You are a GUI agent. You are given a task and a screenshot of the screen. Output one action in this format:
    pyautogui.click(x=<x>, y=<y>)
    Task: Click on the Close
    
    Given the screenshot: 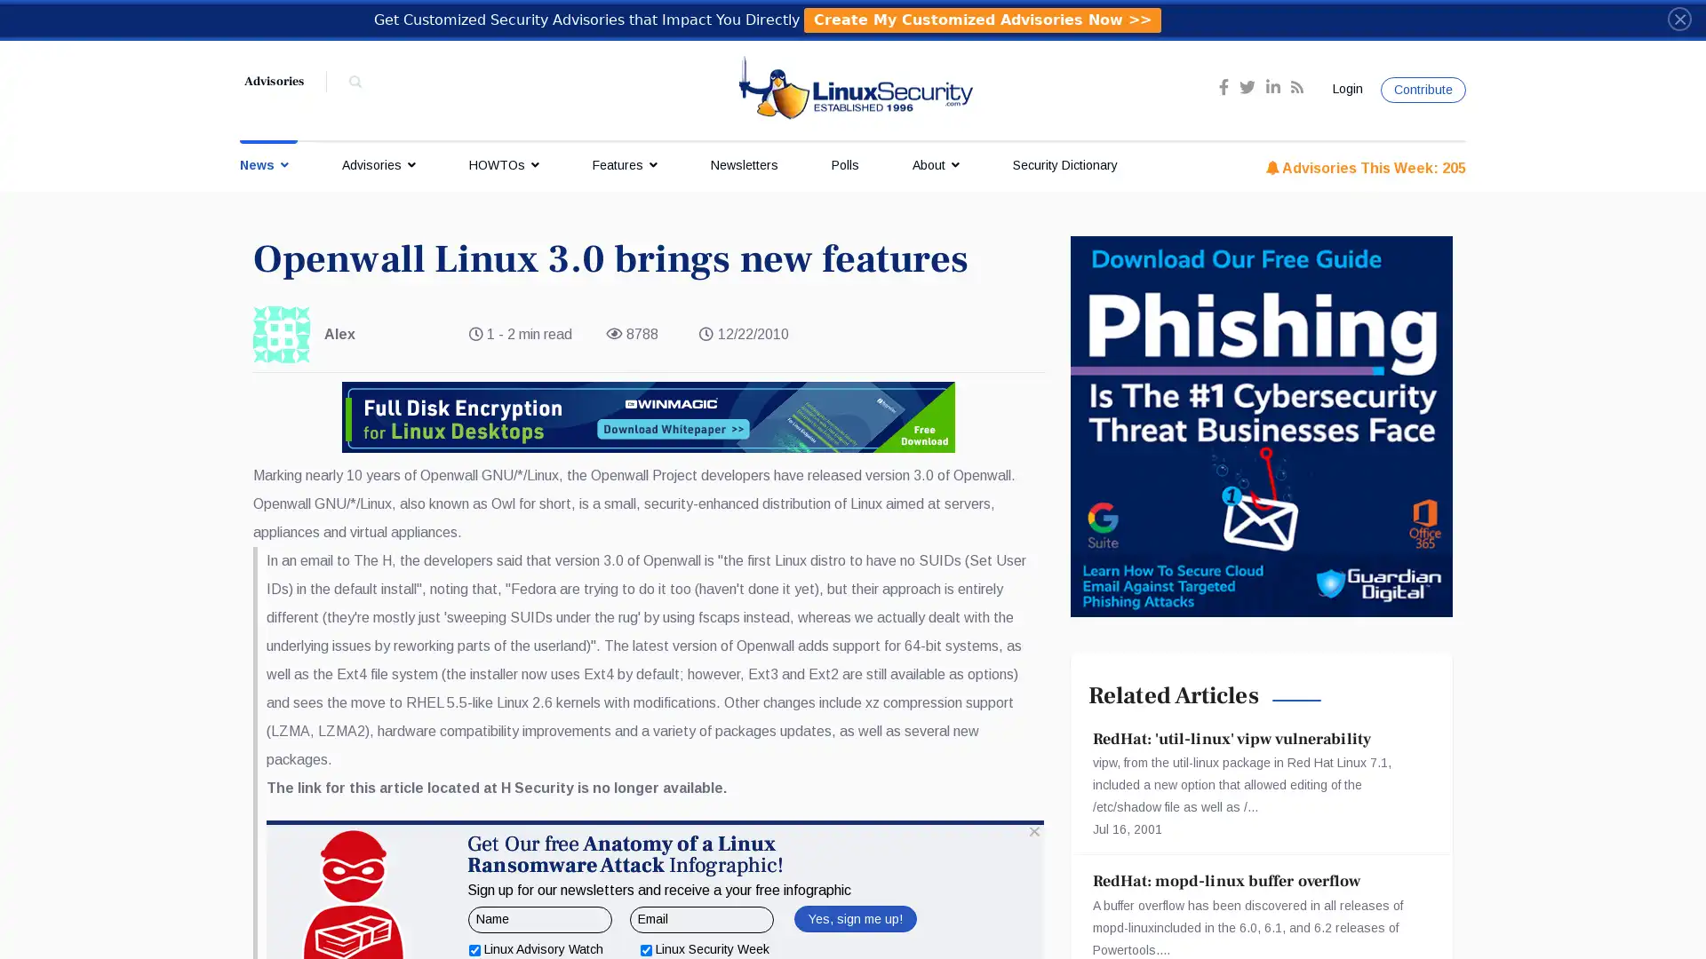 What is the action you would take?
    pyautogui.click(x=1678, y=18)
    